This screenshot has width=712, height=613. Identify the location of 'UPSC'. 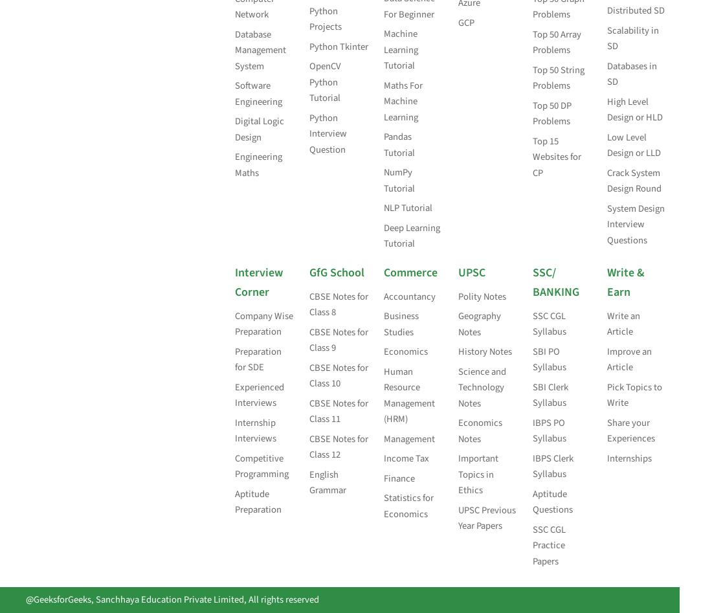
(471, 272).